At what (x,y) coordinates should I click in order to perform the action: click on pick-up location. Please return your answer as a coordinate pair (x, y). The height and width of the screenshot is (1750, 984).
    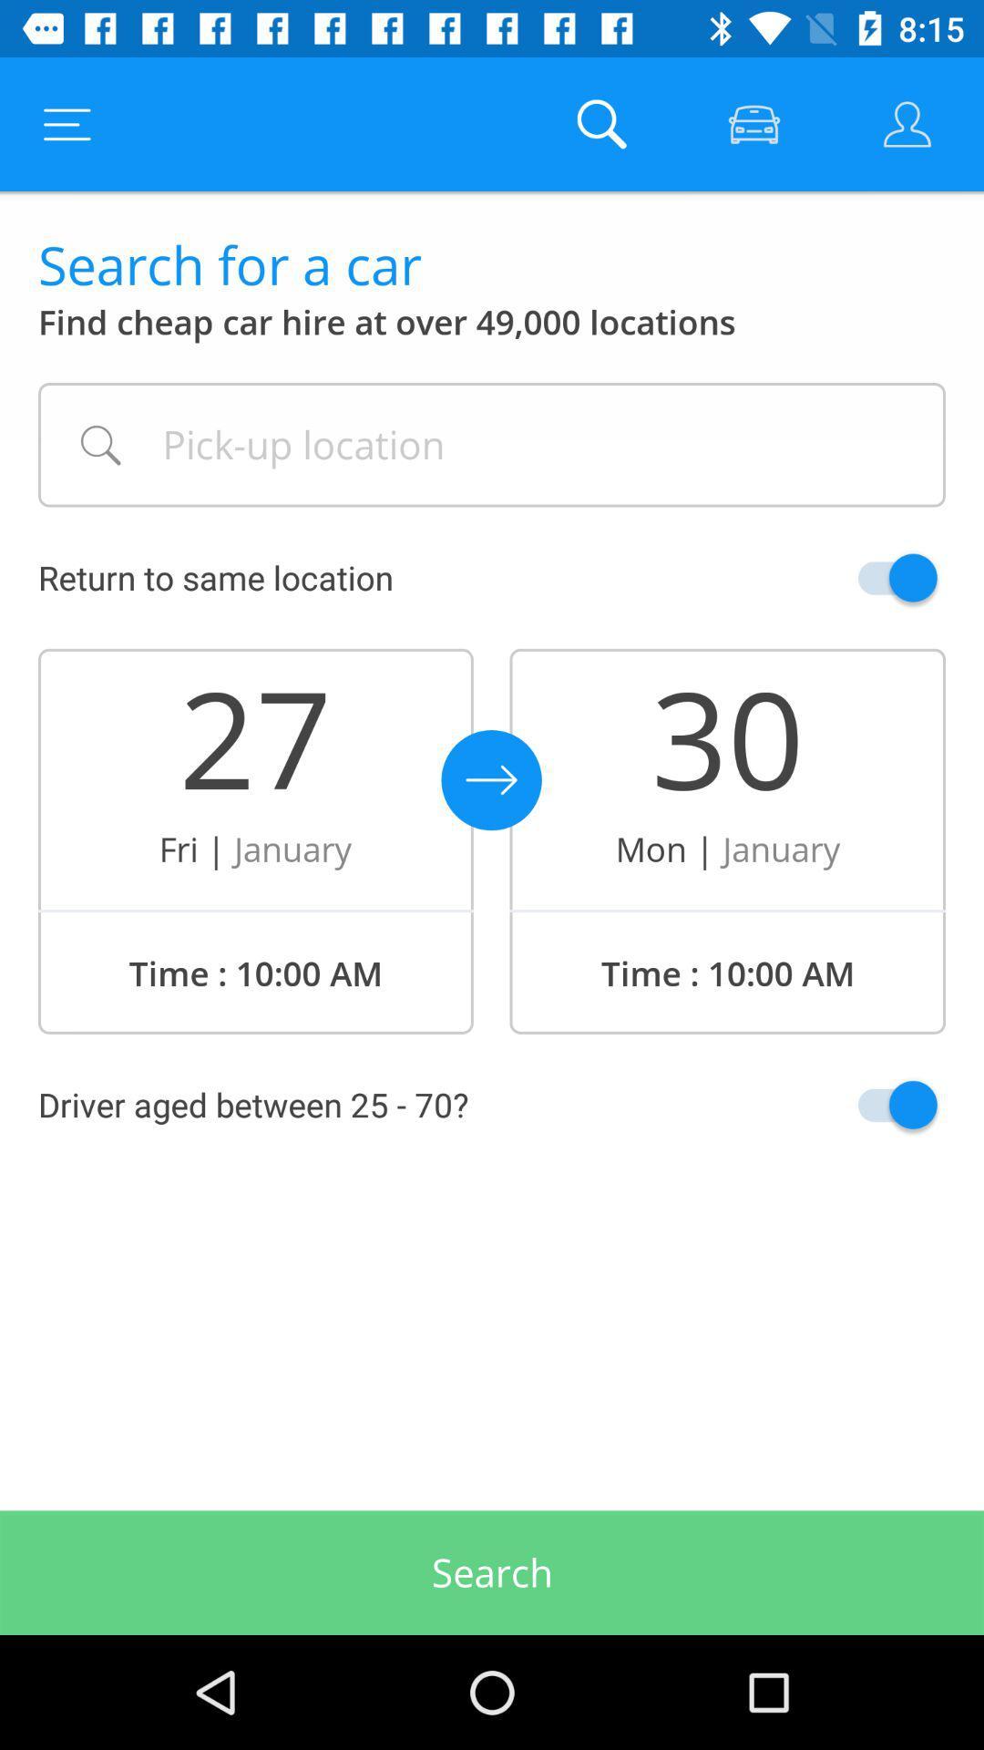
    Looking at the image, I should click on (492, 445).